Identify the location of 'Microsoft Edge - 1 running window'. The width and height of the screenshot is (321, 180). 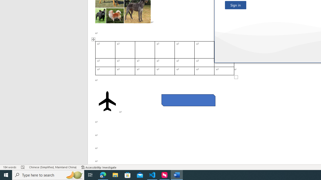
(103, 174).